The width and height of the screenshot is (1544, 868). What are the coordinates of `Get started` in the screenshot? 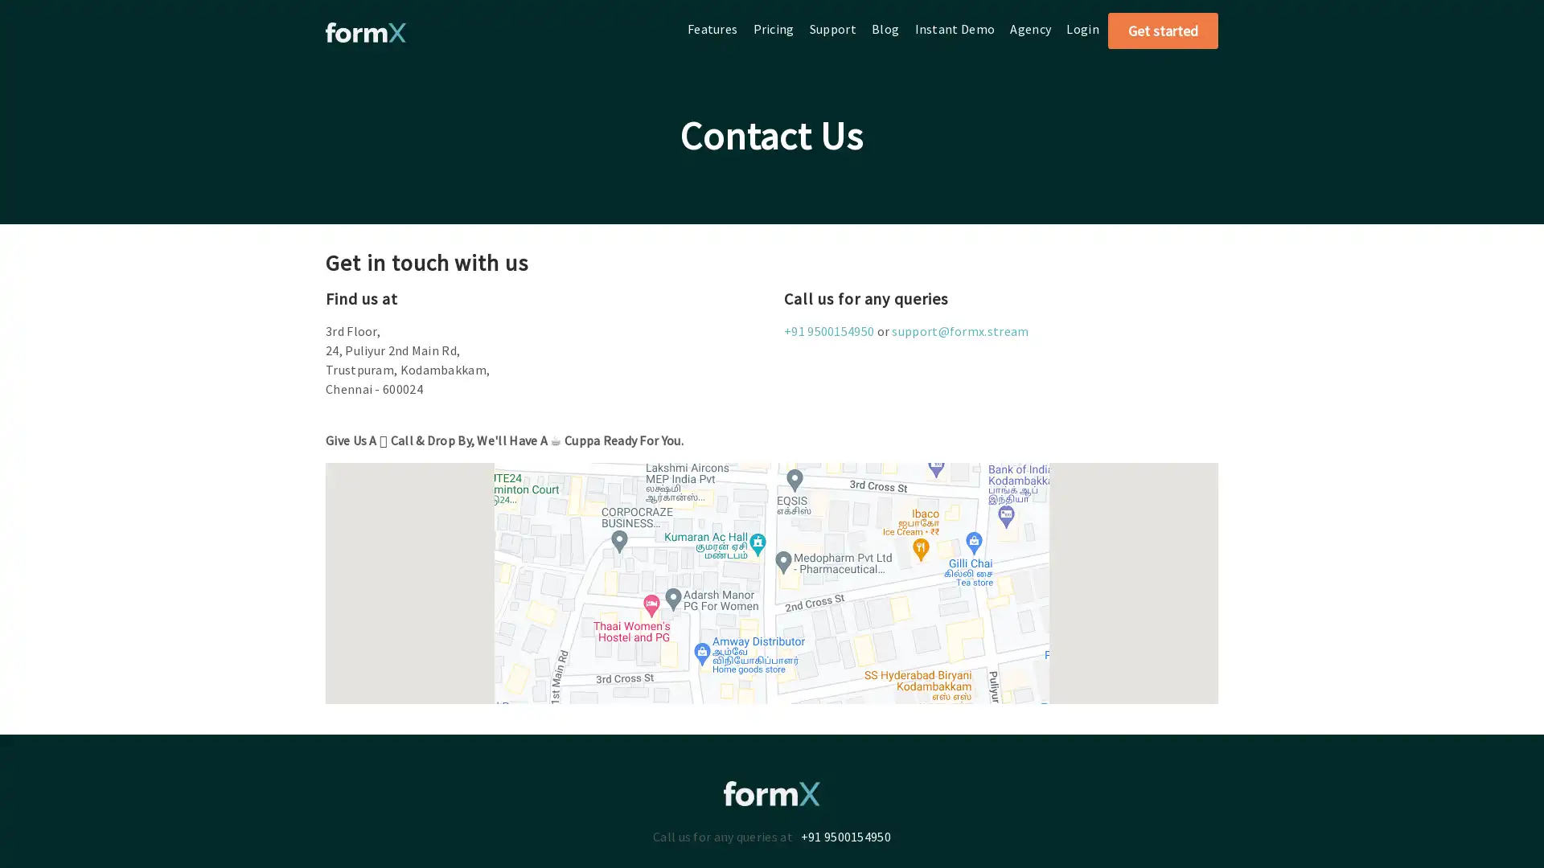 It's located at (1163, 31).